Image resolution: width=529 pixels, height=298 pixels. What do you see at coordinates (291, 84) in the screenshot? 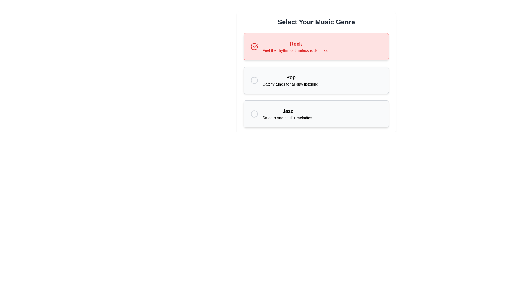
I see `the text that describes the 'Pop' music genre, which is positioned directly below the 'Pop' label inside an outlined box` at bounding box center [291, 84].